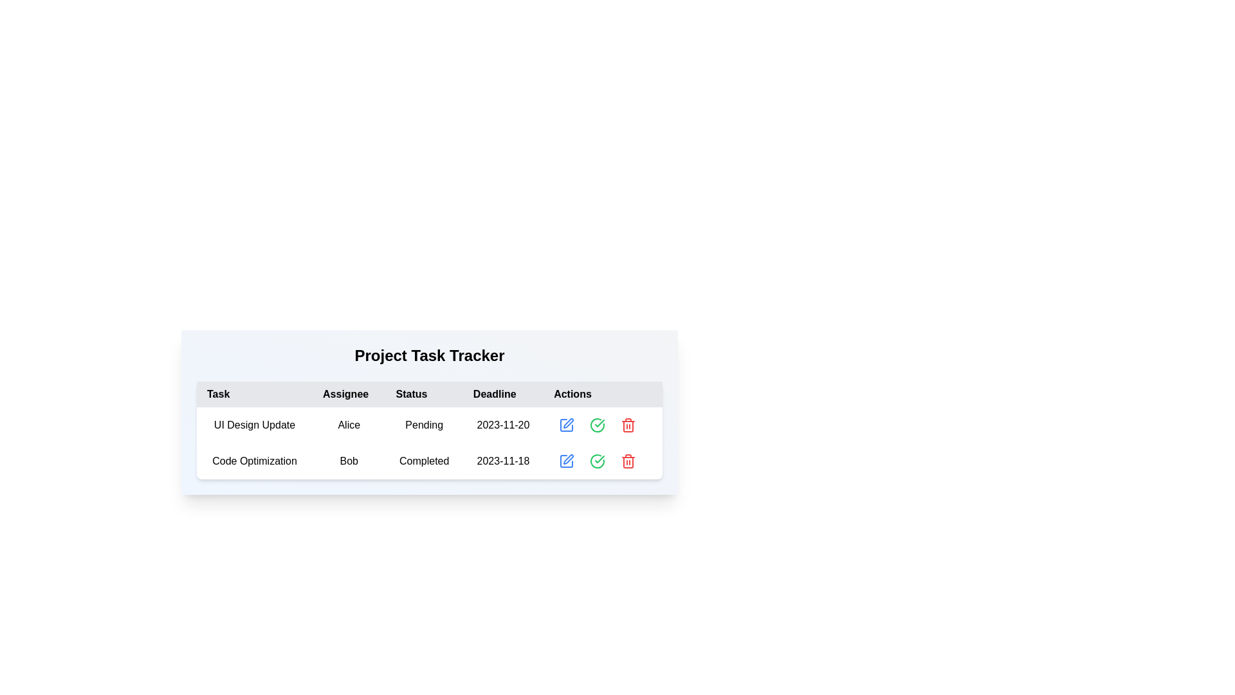  I want to click on the Checkmark icon in the Actions column for the Code Optimization task, so click(597, 461).